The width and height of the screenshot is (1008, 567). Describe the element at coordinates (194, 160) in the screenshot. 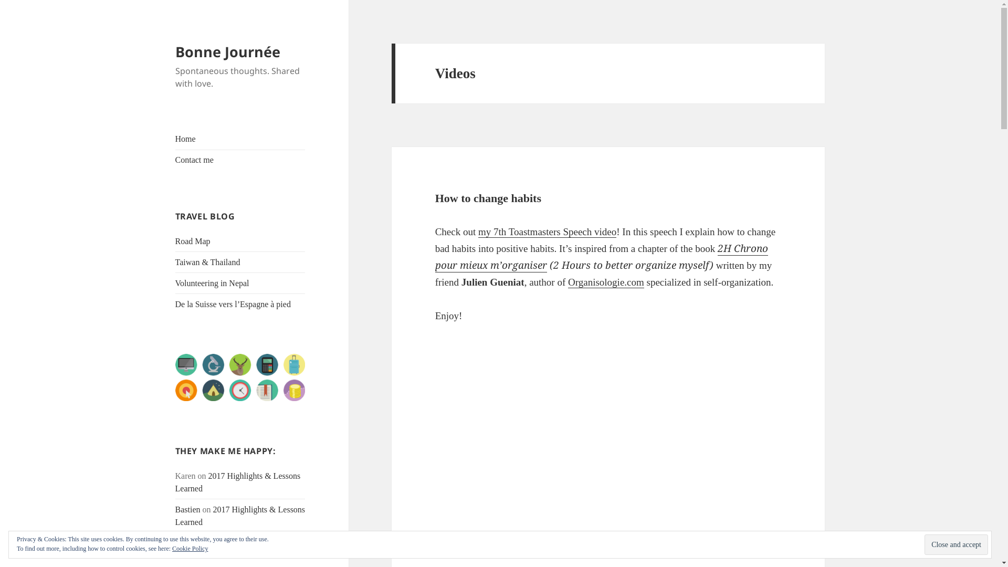

I see `'Contact me'` at that location.